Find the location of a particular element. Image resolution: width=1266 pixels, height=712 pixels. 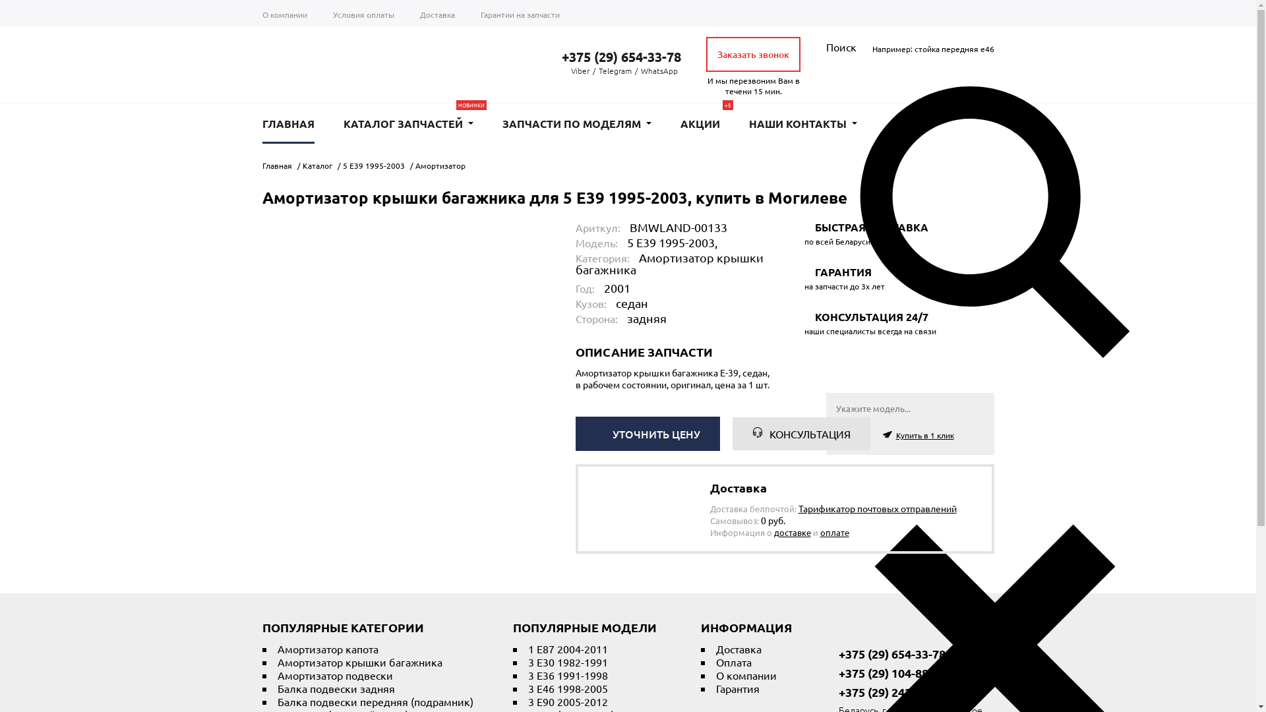

'+375 (29) 654-33-78' is located at coordinates (825, 653).